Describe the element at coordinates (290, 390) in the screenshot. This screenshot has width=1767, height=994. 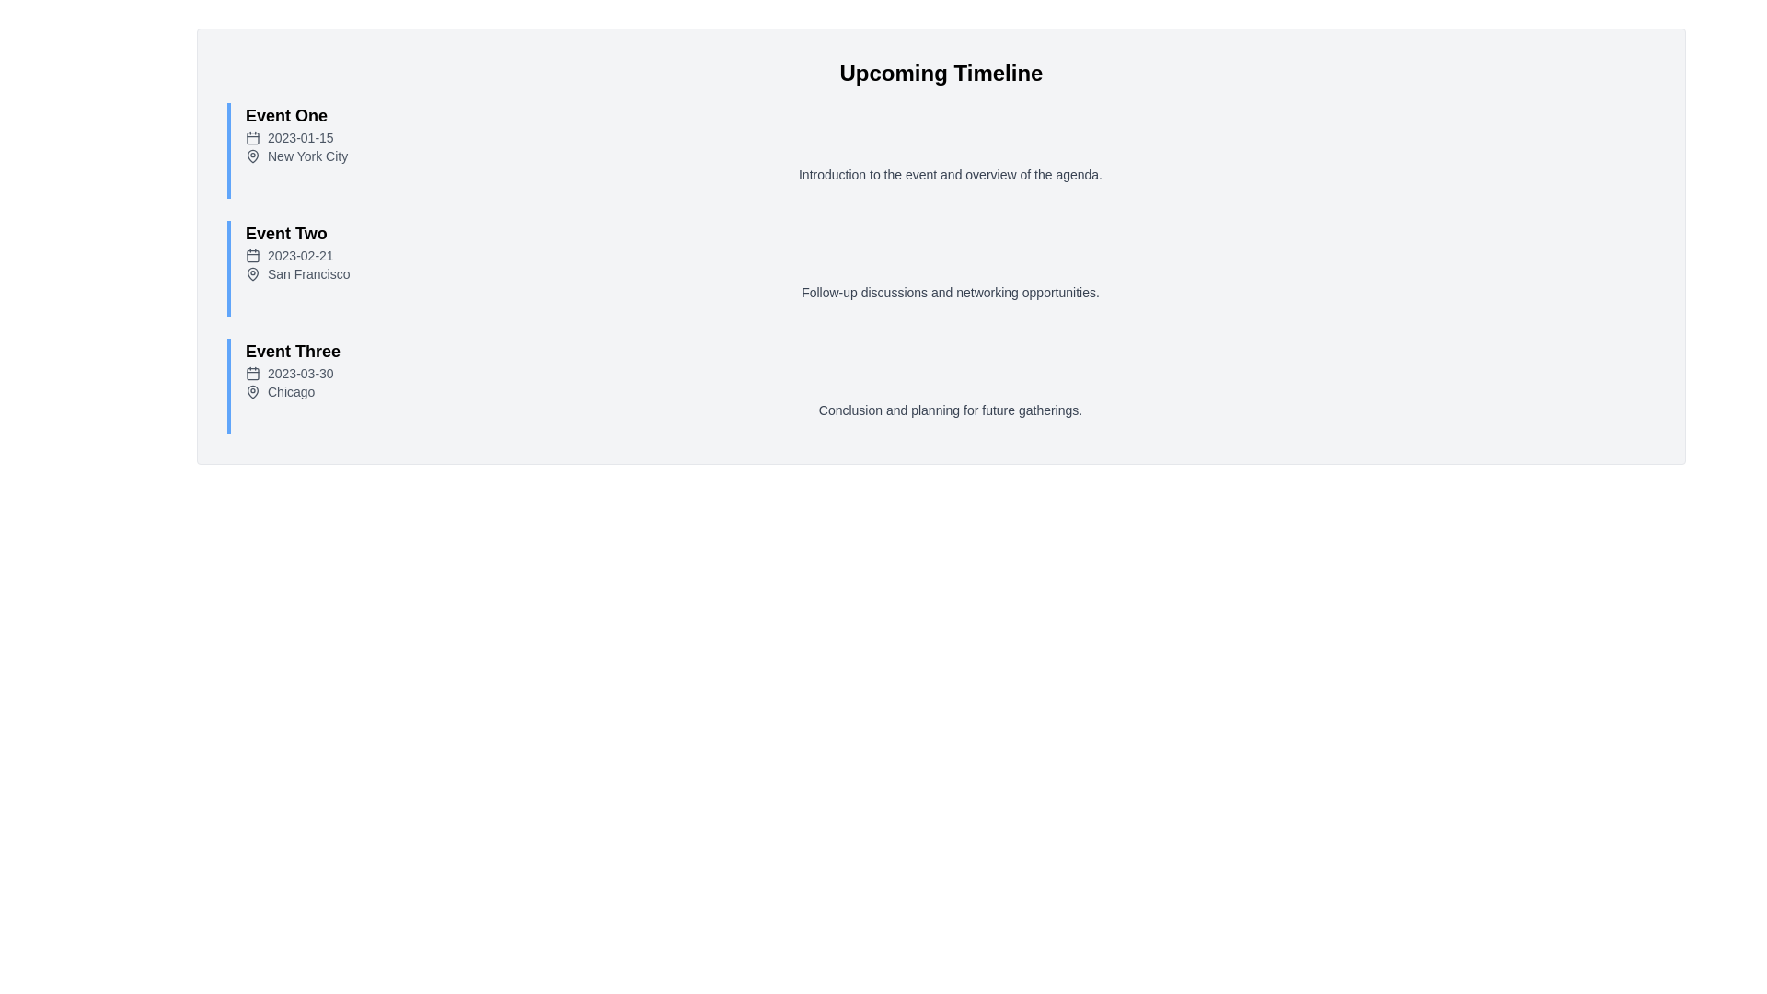
I see `the text label displaying 'Chicago', which is styled in a medium-sized sans-serif font and colored gray, located in the 'Event Three' section of the timeline` at that location.